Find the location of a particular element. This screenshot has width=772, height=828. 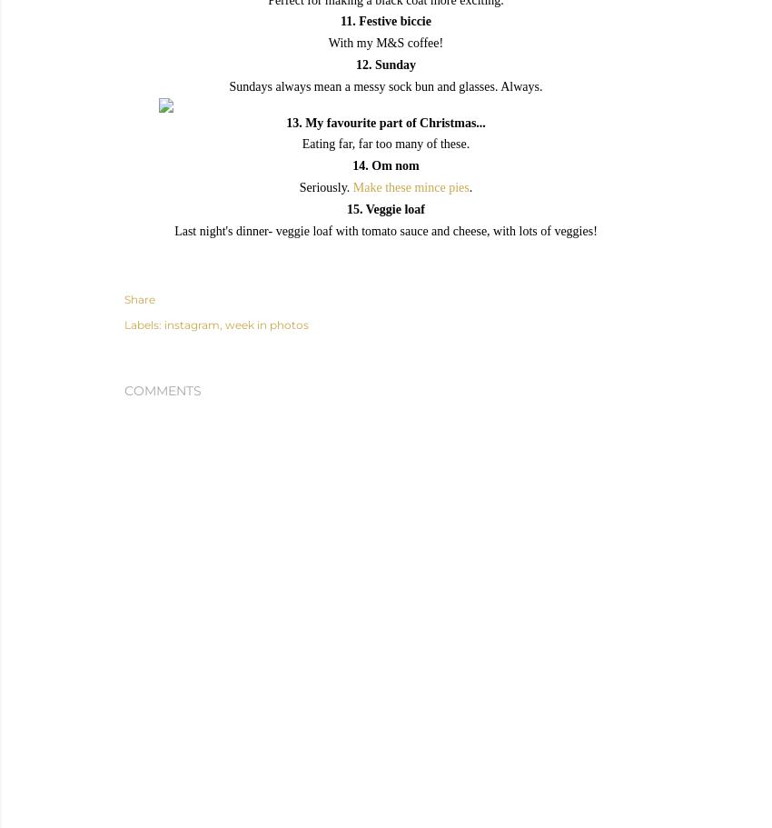

'Eating far, far too many of these.' is located at coordinates (385, 144).